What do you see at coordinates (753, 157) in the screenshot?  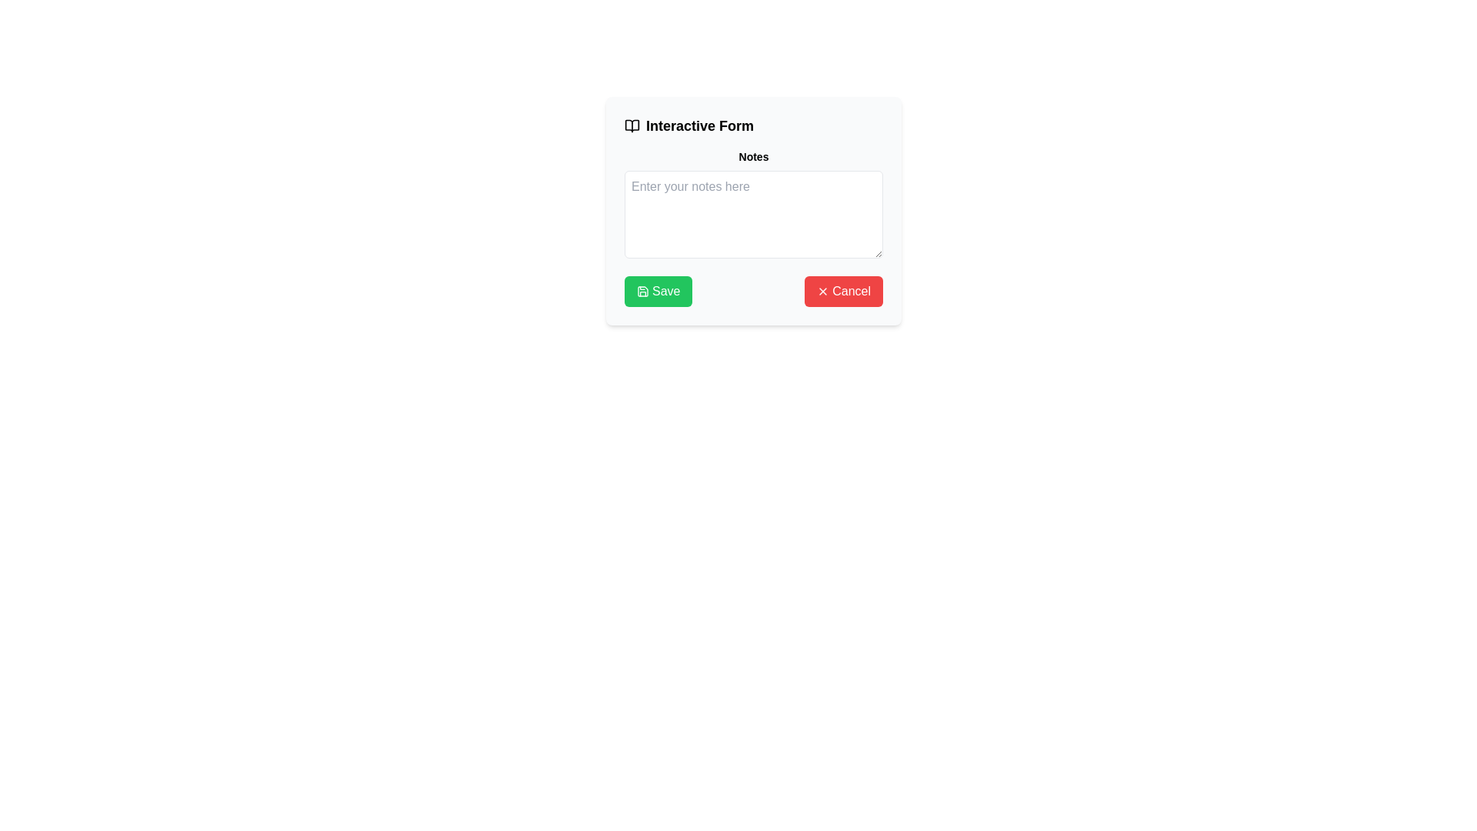 I see `the Text label that serves as the title for the input field below, providing context for user input` at bounding box center [753, 157].